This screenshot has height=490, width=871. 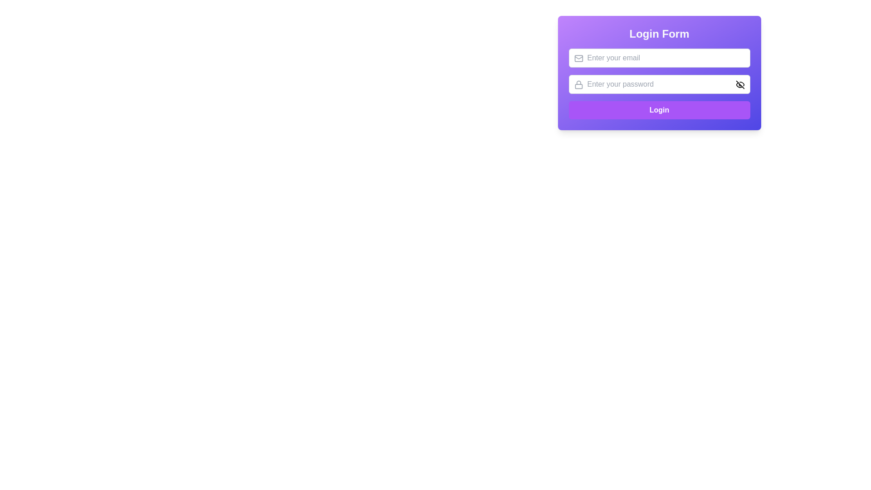 I want to click on the 'Login' button in the 'Login Form', so click(x=659, y=84).